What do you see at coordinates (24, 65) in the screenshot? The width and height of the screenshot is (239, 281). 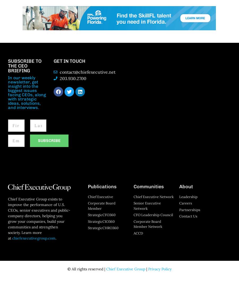 I see `'SUBSCRIBE TO THE CEO BRIEFING'` at bounding box center [24, 65].